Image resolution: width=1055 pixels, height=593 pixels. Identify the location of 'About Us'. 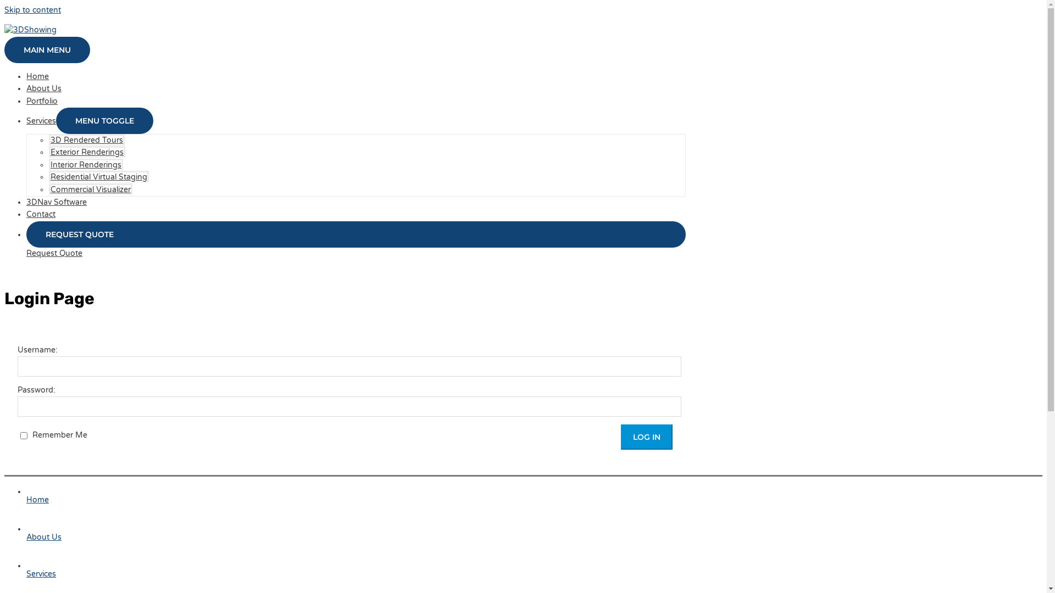
(356, 531).